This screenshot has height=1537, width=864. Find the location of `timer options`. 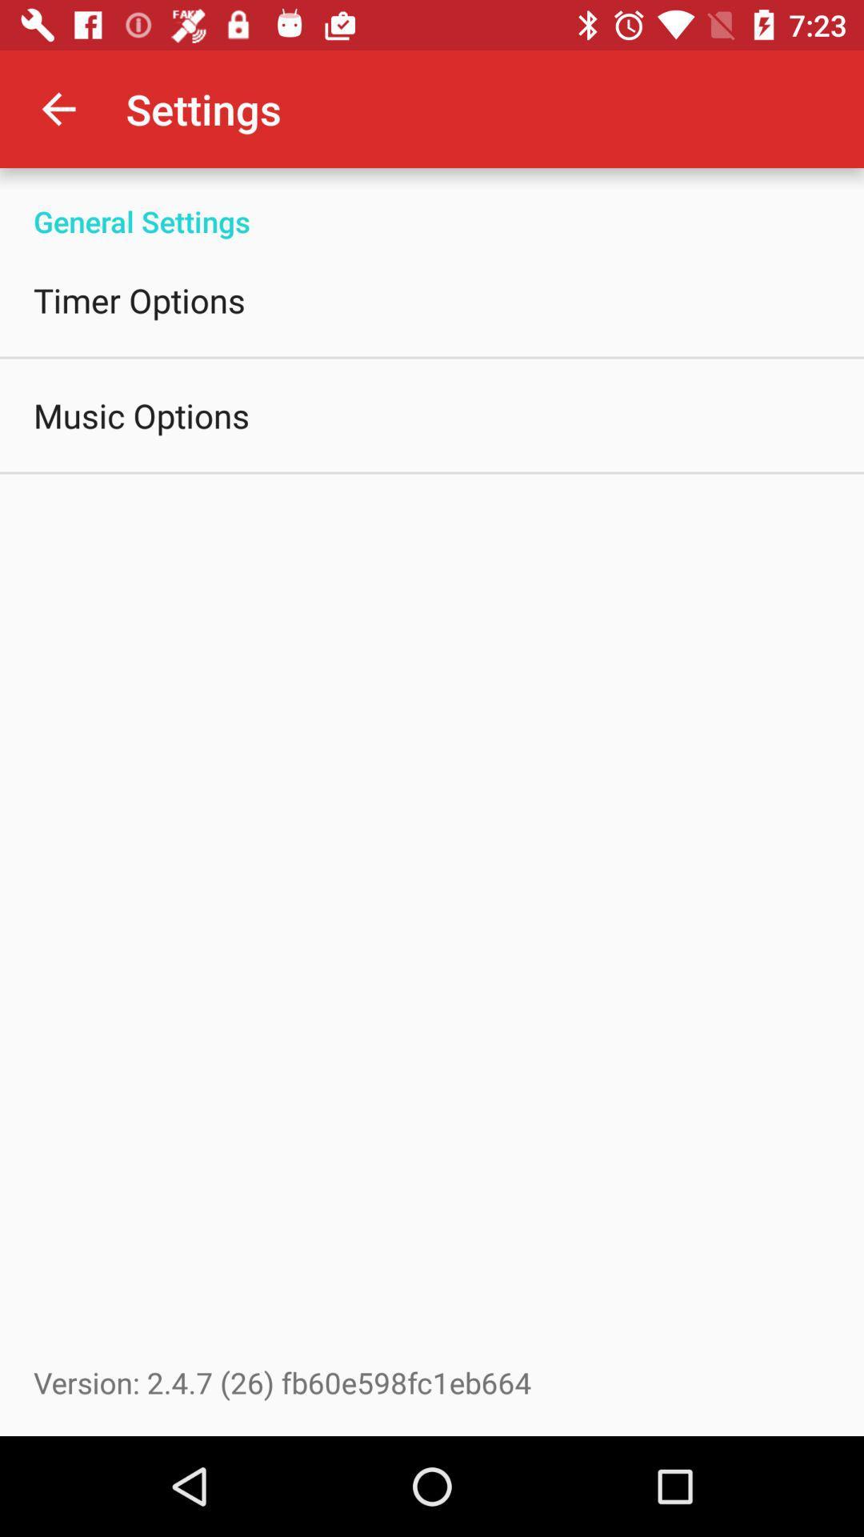

timer options is located at coordinates (138, 299).